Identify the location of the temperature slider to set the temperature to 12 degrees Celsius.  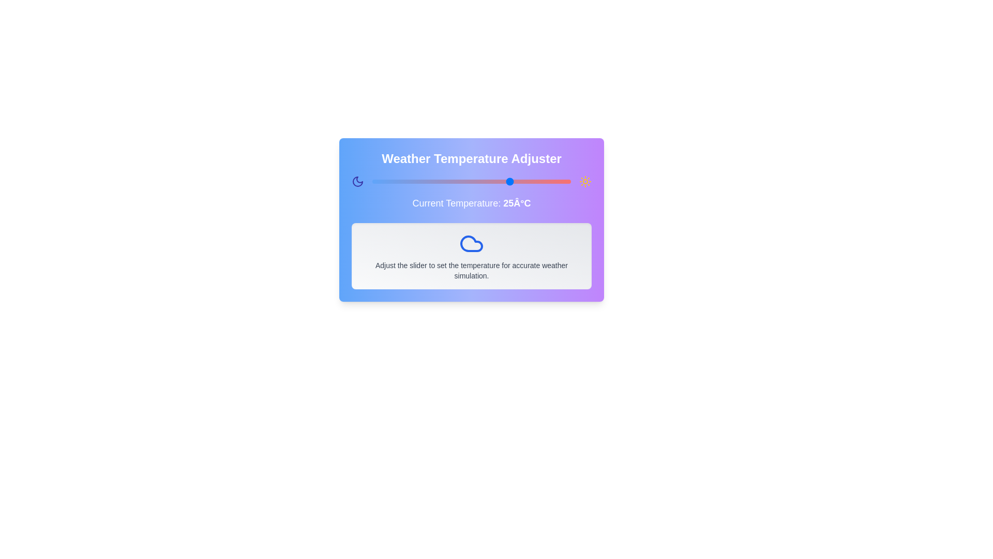
(459, 181).